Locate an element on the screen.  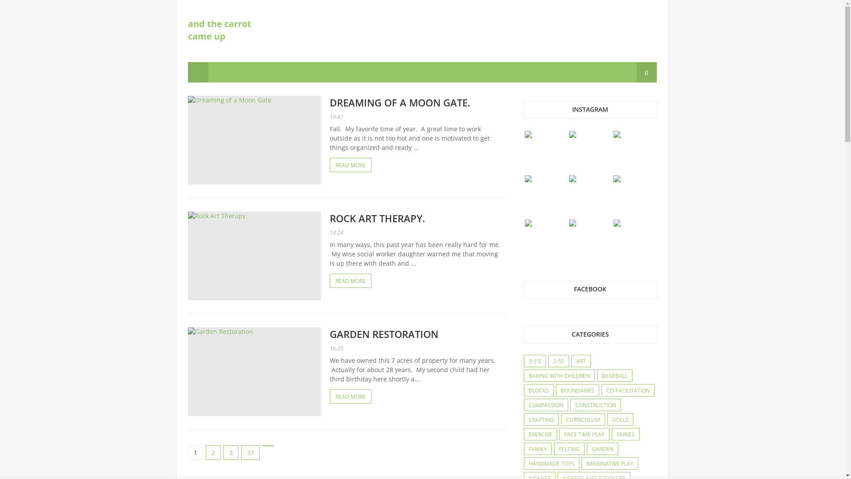
'FELTING' is located at coordinates (569, 449).